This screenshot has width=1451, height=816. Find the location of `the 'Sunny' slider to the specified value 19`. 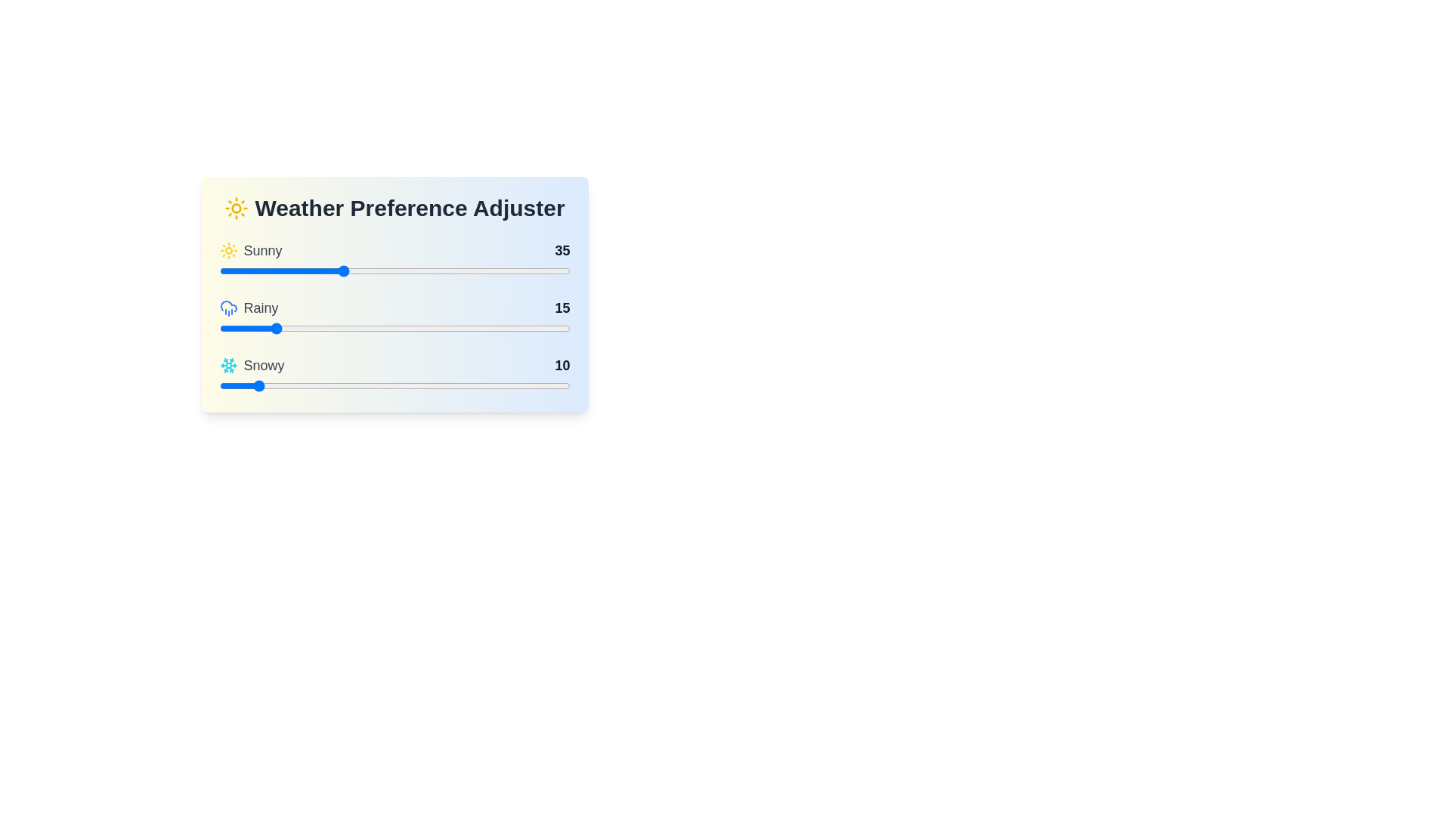

the 'Sunny' slider to the specified value 19 is located at coordinates (286, 270).